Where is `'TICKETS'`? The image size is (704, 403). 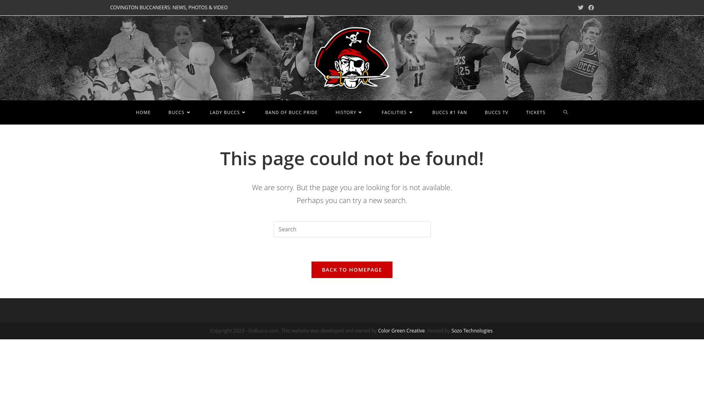
'TICKETS' is located at coordinates (535, 112).